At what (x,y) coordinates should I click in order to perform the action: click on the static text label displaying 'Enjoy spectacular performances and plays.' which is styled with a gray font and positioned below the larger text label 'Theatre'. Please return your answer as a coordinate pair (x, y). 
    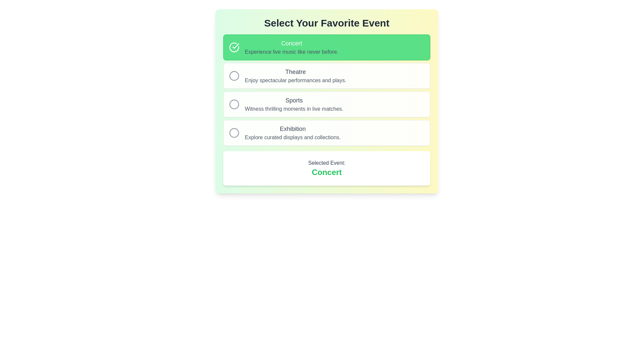
    Looking at the image, I should click on (295, 80).